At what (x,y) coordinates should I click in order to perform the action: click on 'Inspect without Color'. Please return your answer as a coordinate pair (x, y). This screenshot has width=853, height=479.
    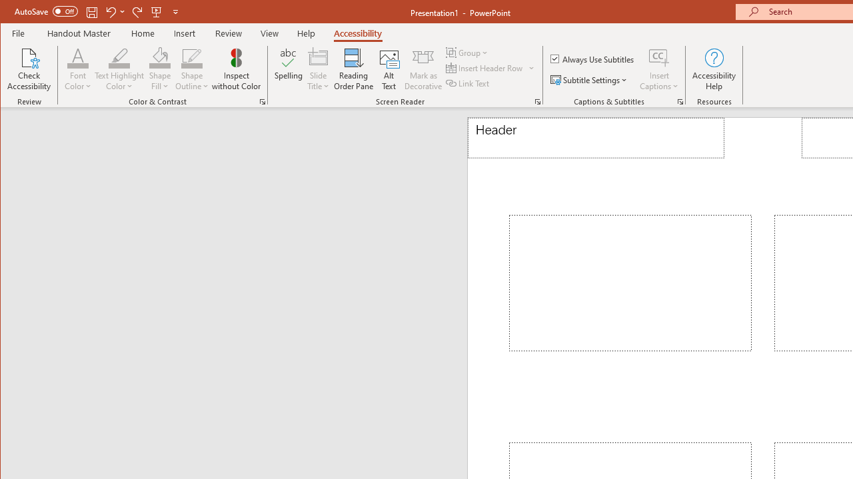
    Looking at the image, I should click on (237, 69).